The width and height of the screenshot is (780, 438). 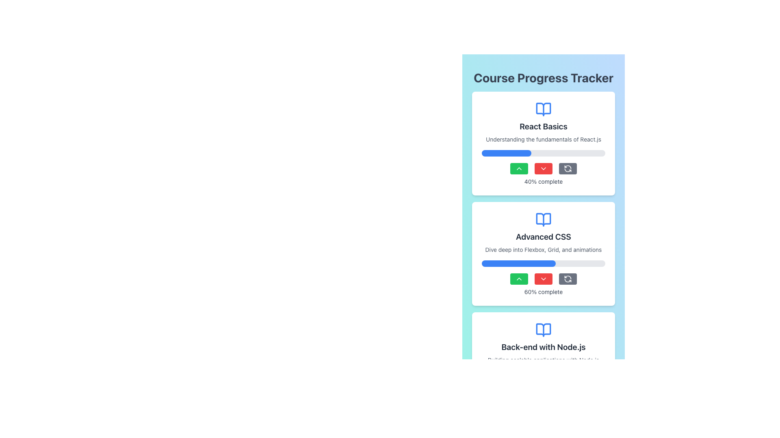 What do you see at coordinates (544, 220) in the screenshot?
I see `the blue outlined open book icon located in the 'Advanced CSS' section of the course list, positioned at the top of the section card` at bounding box center [544, 220].